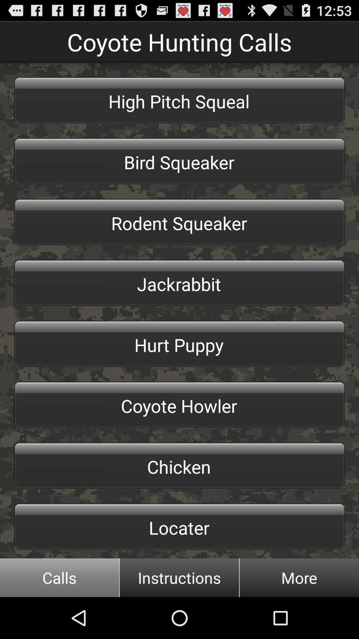  I want to click on the item below coyote howler item, so click(179, 465).